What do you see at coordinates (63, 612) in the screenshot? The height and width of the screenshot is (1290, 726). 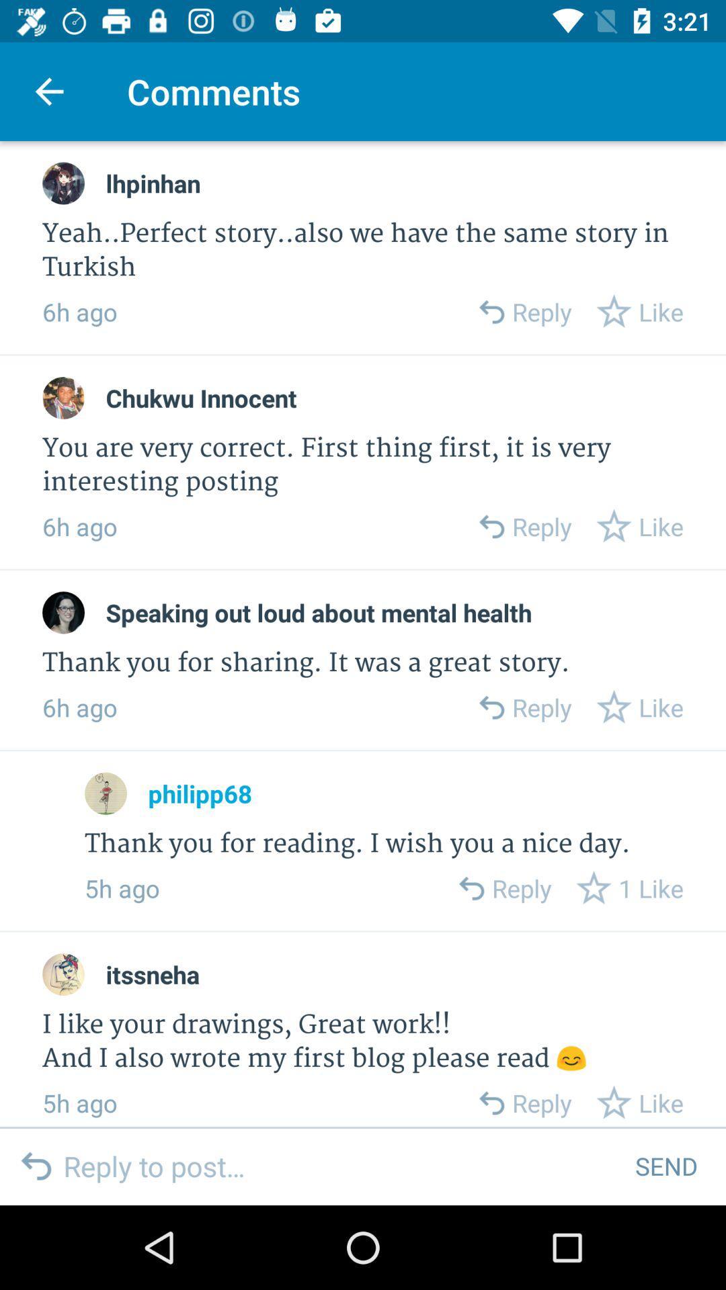 I see `profile` at bounding box center [63, 612].